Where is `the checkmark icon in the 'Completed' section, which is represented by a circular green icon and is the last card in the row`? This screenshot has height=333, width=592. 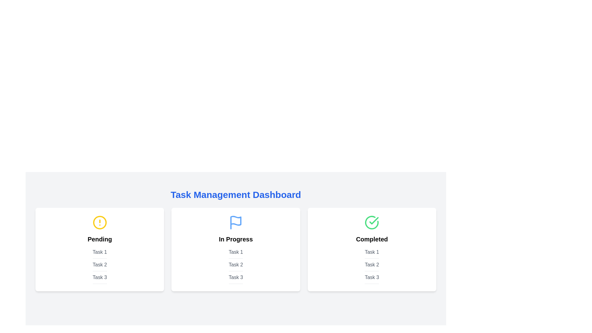
the checkmark icon in the 'Completed' section, which is represented by a circular green icon and is the last card in the row is located at coordinates (374, 220).